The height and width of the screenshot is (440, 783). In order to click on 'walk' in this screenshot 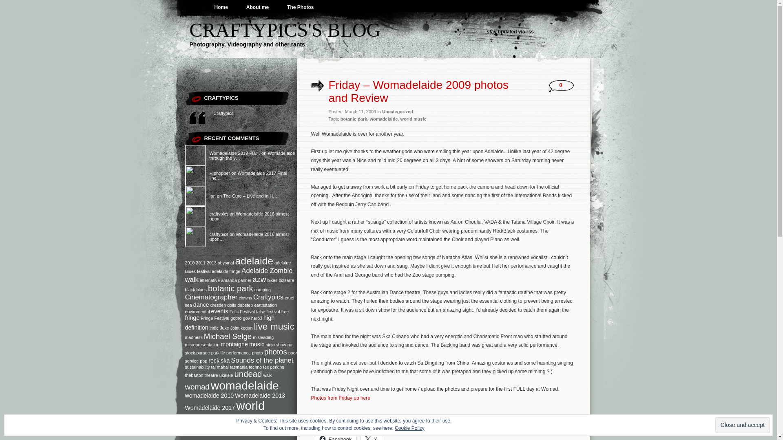, I will do `click(267, 375)`.